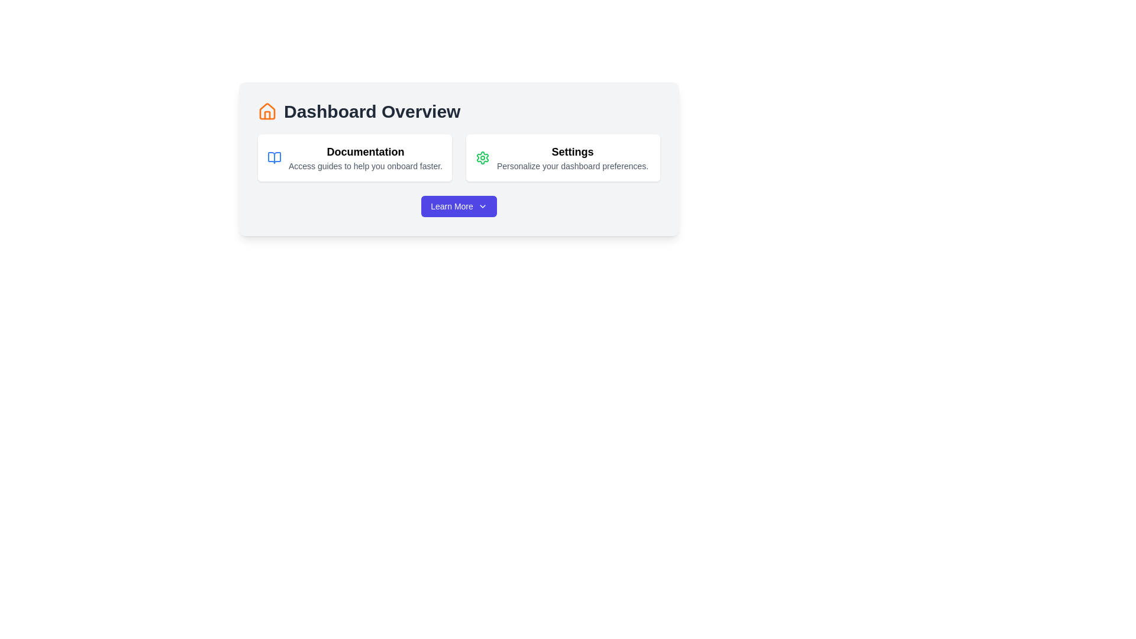  I want to click on properties of the vertical rectangle that resembles the roof structure of the house icon, which is located within the orange outline of the house icon to the left of the 'Dashboard Overview' heading, so click(266, 115).